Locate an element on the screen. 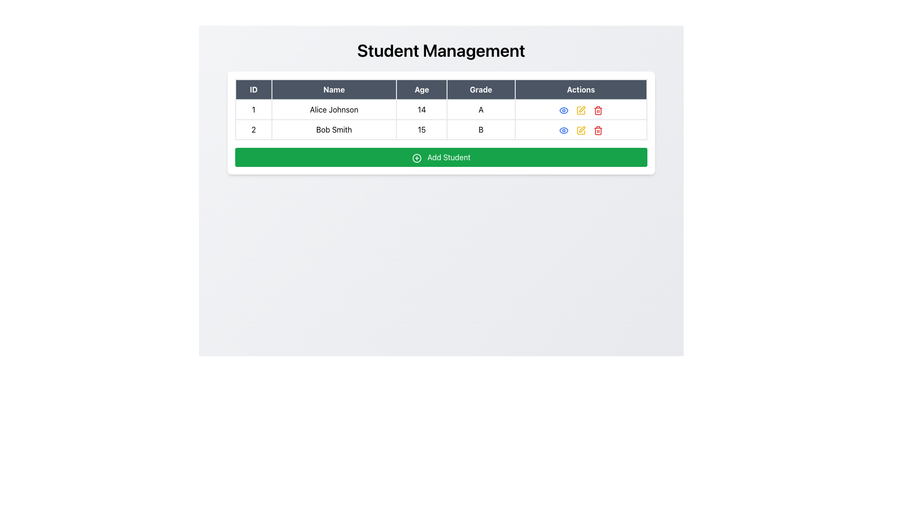  the Table Header element labeled 'Grade', which has a dark gray background and white text, located in the top-center of the interface is located at coordinates (481, 90).